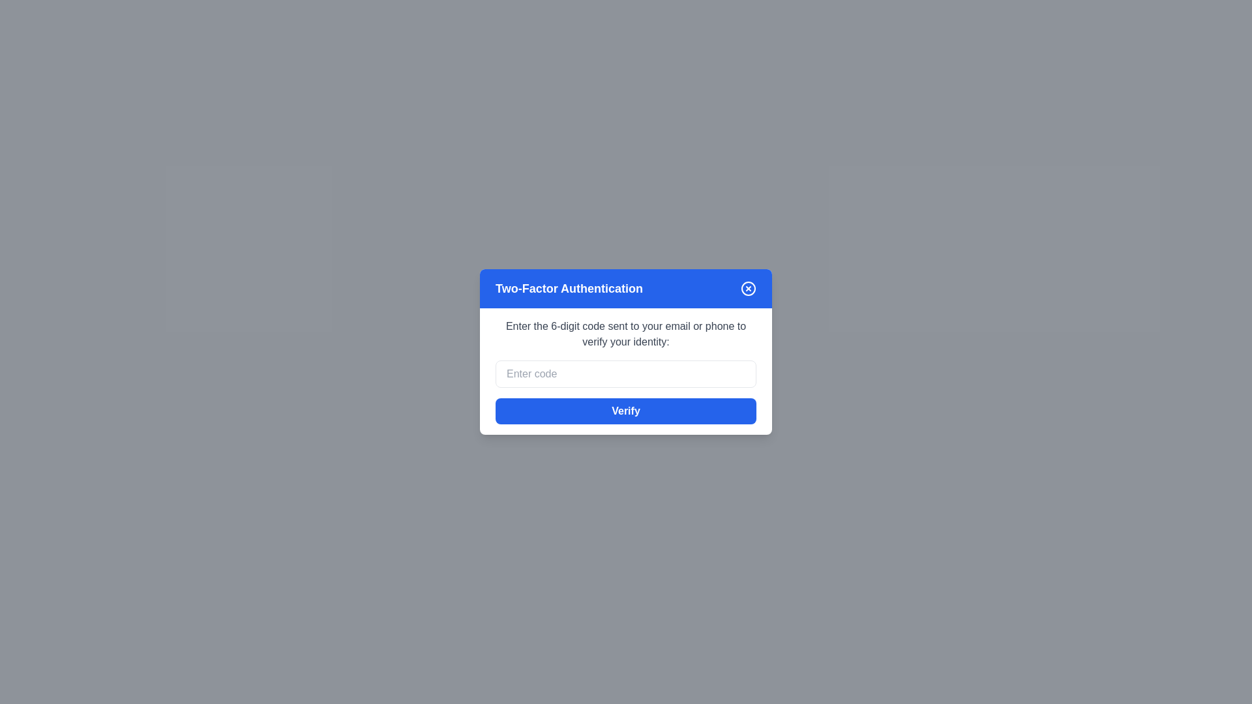  Describe the element at coordinates (494, 319) in the screenshot. I see `the explanatory text for copying or reading` at that location.